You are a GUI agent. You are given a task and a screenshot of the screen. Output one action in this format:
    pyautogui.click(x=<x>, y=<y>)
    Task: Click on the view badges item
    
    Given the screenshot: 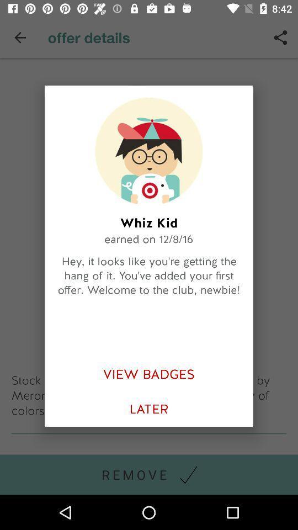 What is the action you would take?
    pyautogui.click(x=149, y=374)
    